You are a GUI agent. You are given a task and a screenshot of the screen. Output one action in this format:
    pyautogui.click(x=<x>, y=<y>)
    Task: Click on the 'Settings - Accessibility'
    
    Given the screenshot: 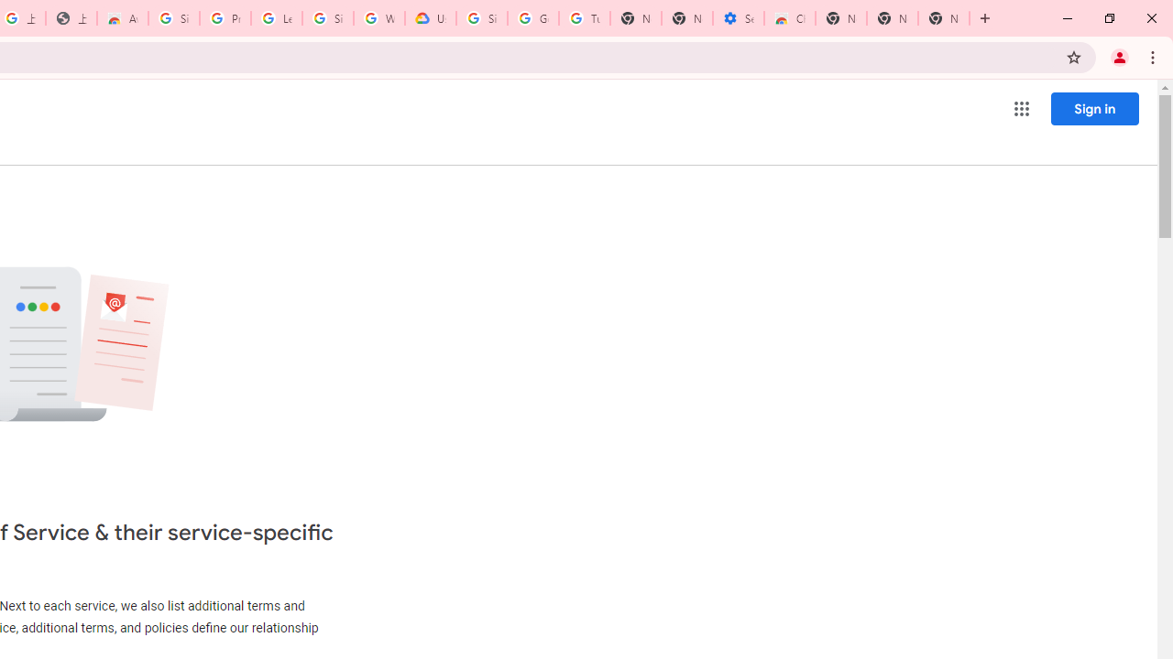 What is the action you would take?
    pyautogui.click(x=739, y=18)
    